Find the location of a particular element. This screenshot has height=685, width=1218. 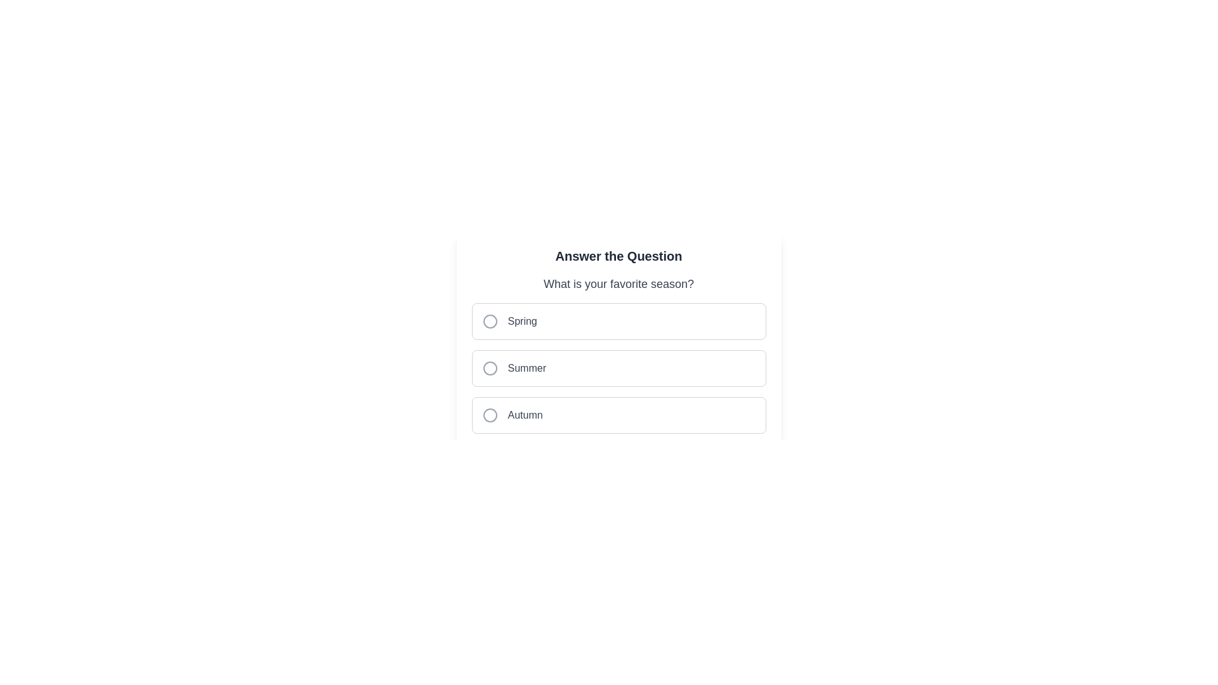

the selectable list item displaying the text 'Spring' is located at coordinates (619, 320).